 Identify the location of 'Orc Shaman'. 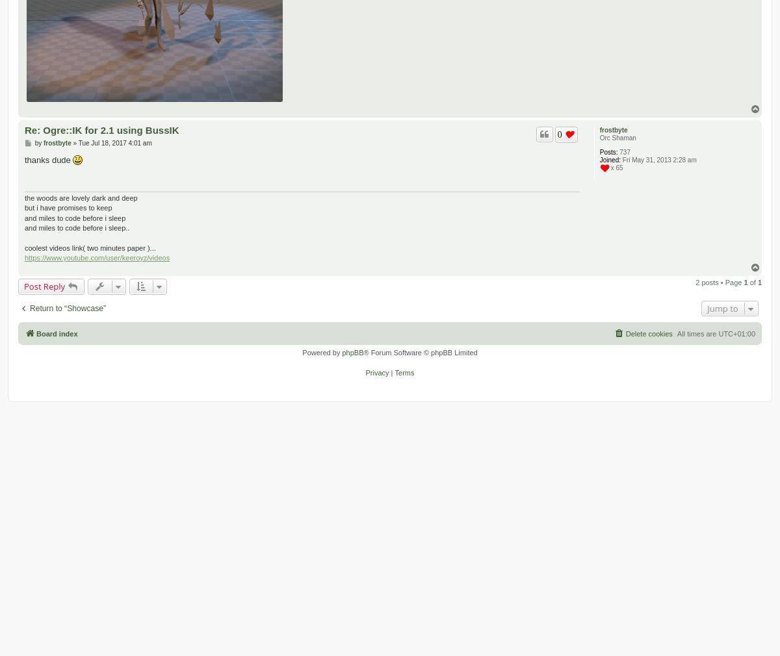
(617, 136).